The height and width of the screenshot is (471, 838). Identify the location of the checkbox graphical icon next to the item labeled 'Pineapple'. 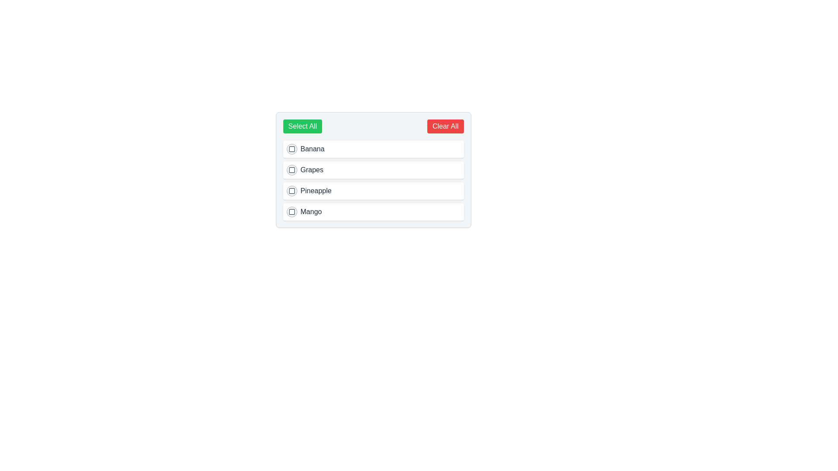
(292, 191).